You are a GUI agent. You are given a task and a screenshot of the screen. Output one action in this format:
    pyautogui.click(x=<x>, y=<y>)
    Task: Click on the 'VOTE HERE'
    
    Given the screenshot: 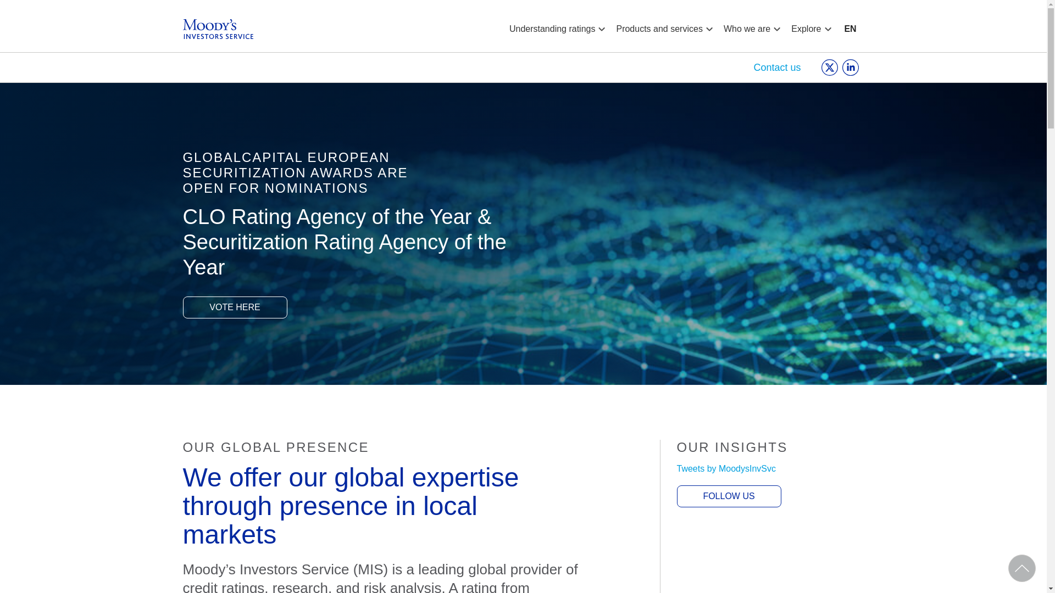 What is the action you would take?
    pyautogui.click(x=234, y=307)
    